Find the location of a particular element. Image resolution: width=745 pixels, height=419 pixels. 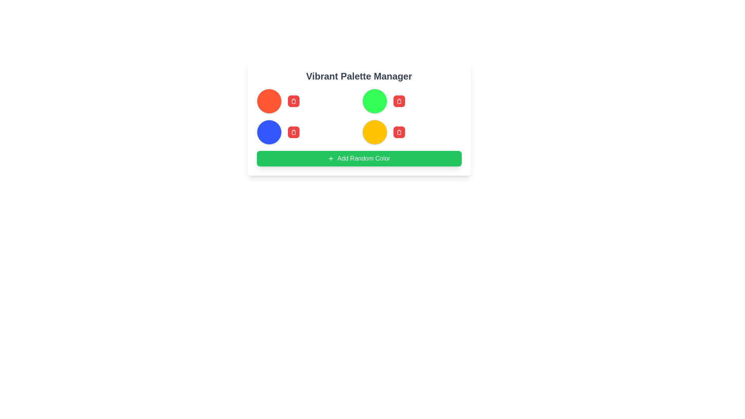

the first circular color selection element in the palette management interface is located at coordinates (269, 101).